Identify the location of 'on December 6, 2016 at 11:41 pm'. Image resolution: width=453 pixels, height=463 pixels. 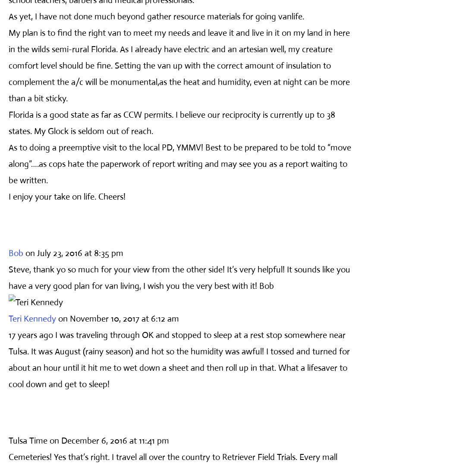
(109, 440).